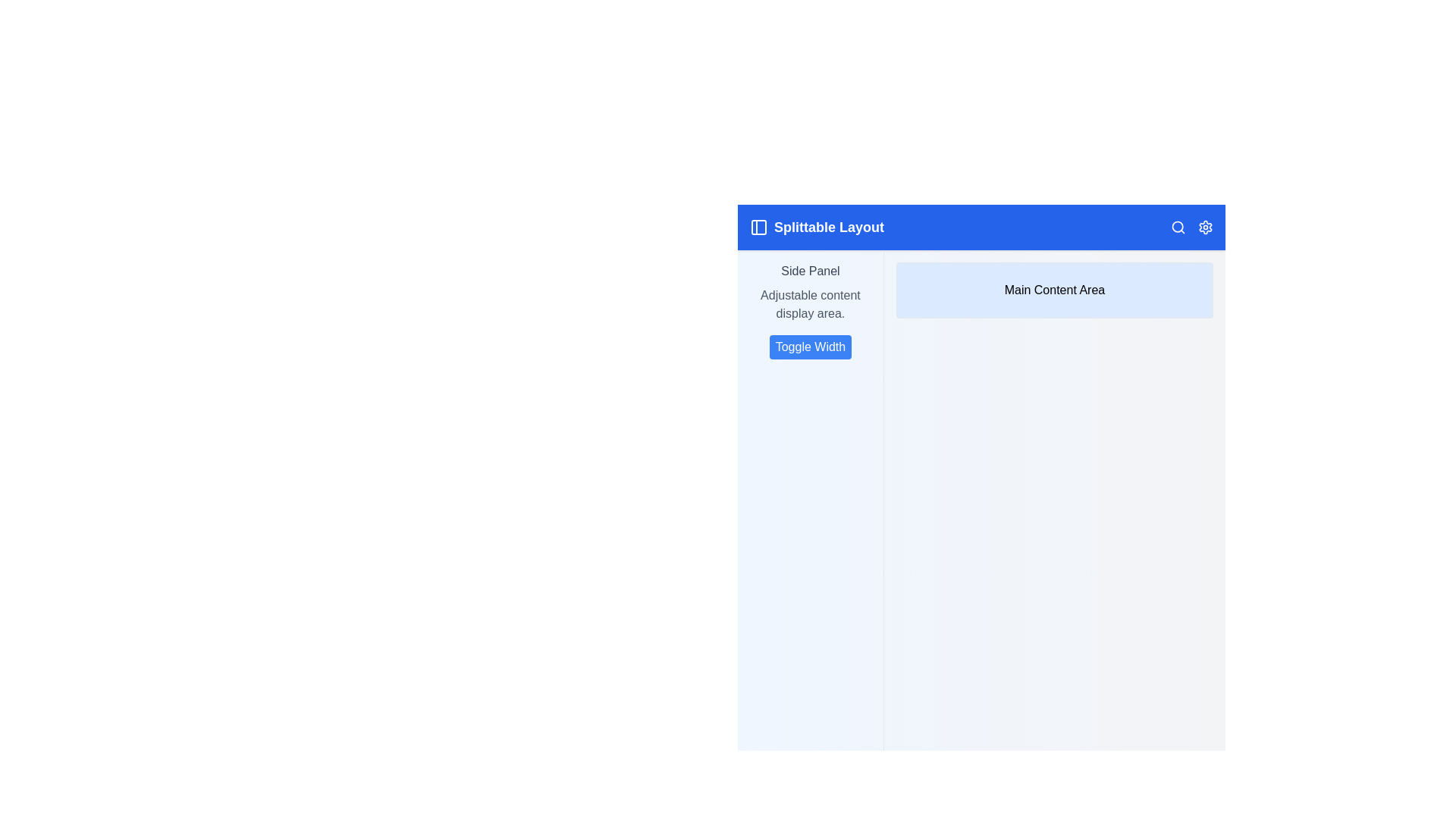 Image resolution: width=1456 pixels, height=819 pixels. I want to click on the Rectangular SVG subcomponent located in the left portion of a graphical icon, which is part of an SVG-based icon near the top-left corner of the user interface, so click(759, 227).